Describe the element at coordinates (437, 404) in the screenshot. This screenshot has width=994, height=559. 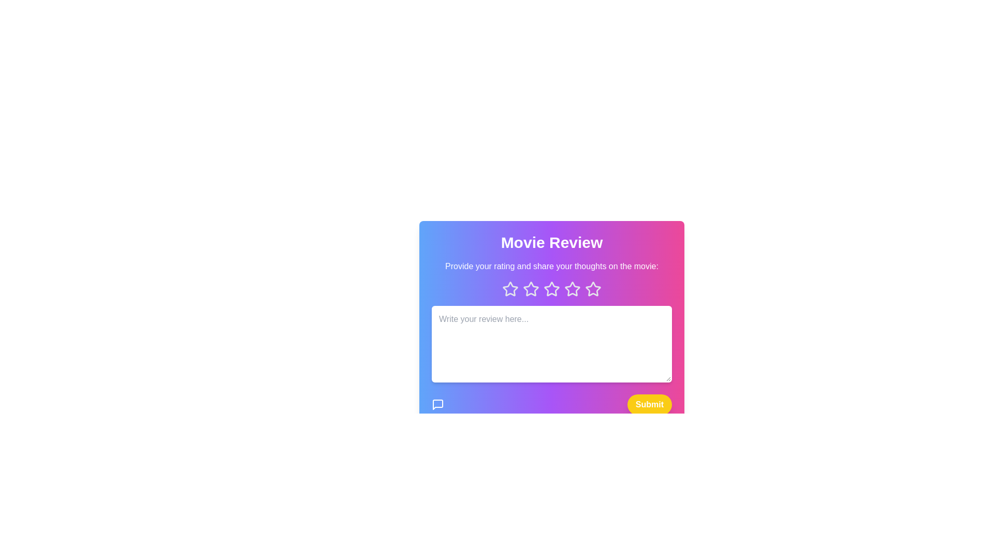
I see `the message icon in the MovieReviewComponent` at that location.